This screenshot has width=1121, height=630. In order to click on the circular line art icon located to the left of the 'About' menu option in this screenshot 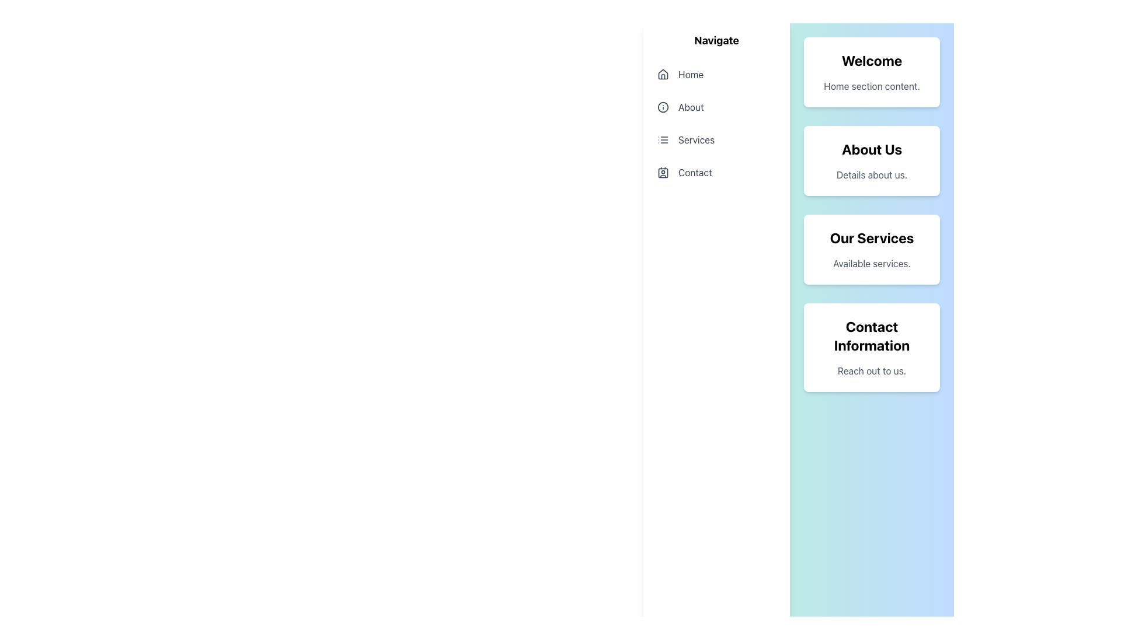, I will do `click(663, 107)`.